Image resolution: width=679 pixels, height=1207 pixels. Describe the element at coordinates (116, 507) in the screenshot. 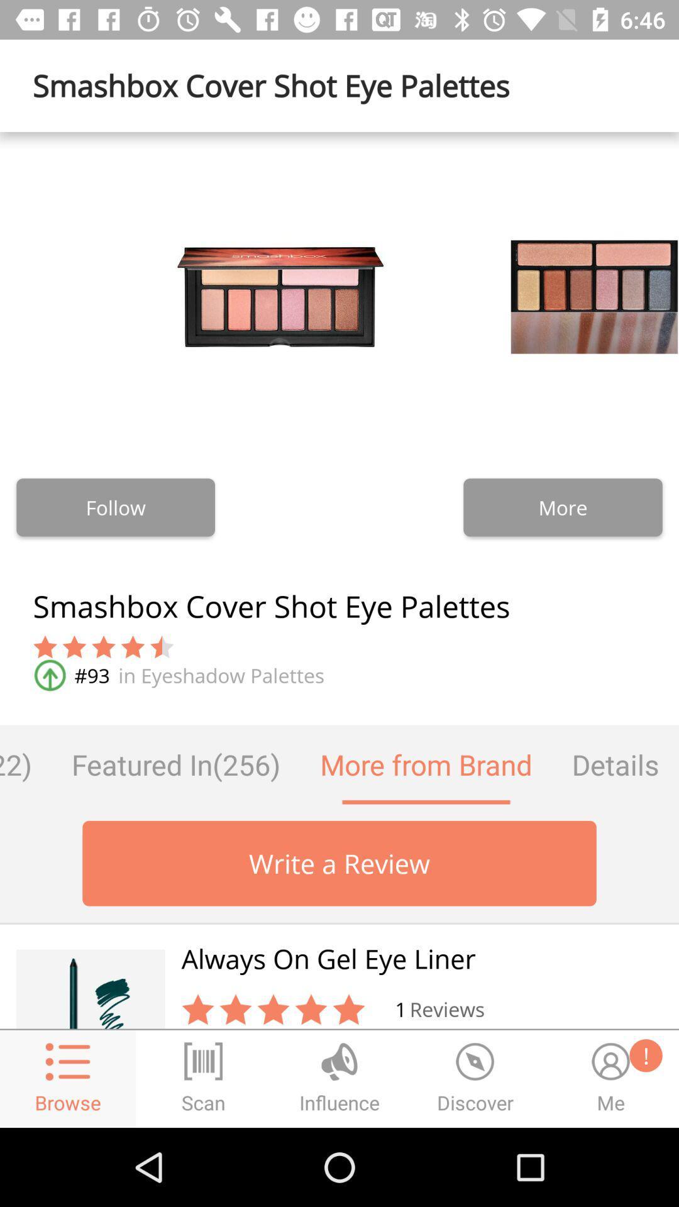

I see `the icon above the smashbox cover shot` at that location.